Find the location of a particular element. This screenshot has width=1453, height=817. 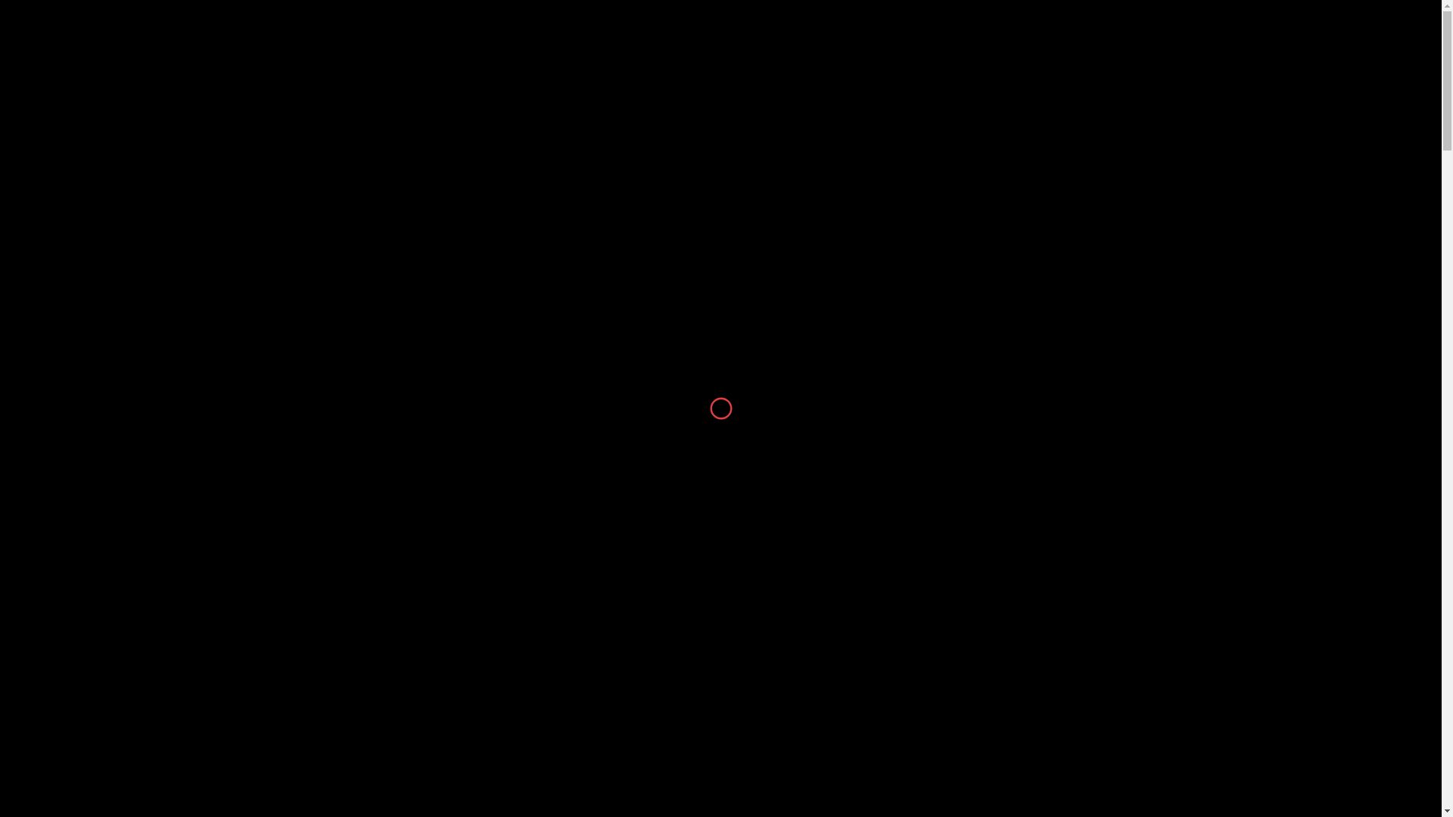

'NEW ARRIVAL' is located at coordinates (216, 51).